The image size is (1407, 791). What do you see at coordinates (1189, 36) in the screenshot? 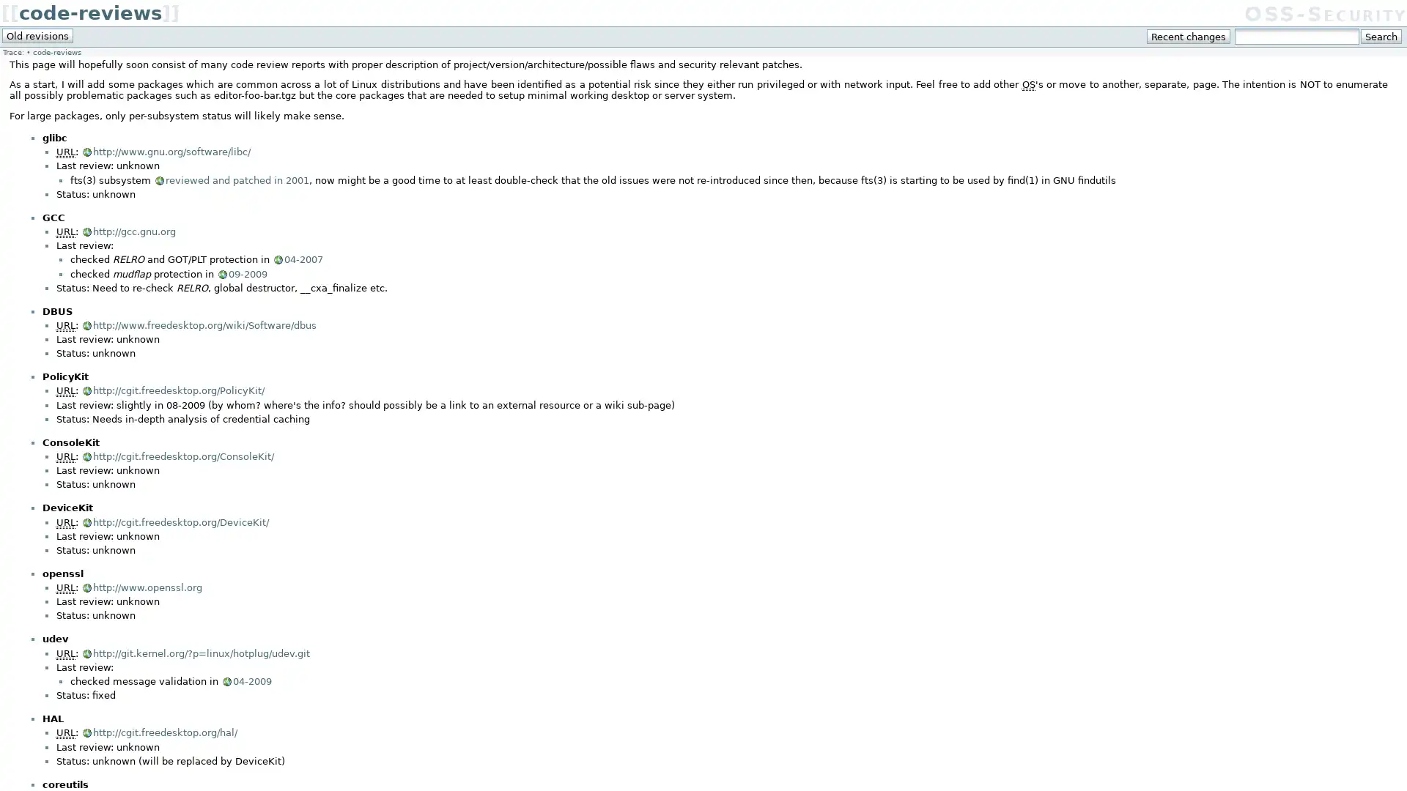
I see `Recent changes` at bounding box center [1189, 36].